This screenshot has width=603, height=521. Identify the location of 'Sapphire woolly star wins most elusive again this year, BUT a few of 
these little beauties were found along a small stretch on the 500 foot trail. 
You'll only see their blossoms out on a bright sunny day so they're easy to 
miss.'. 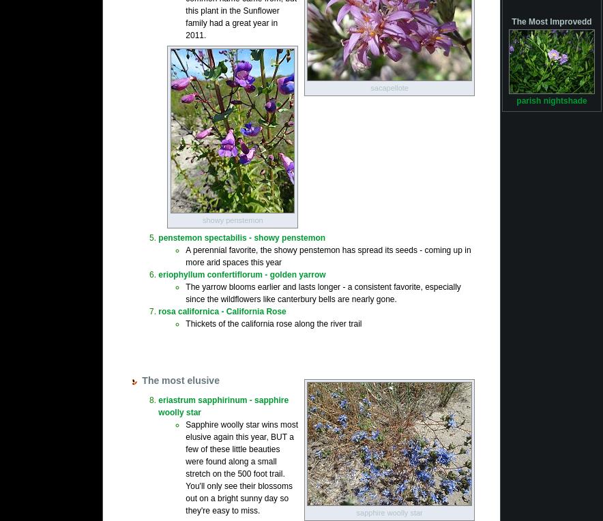
(241, 466).